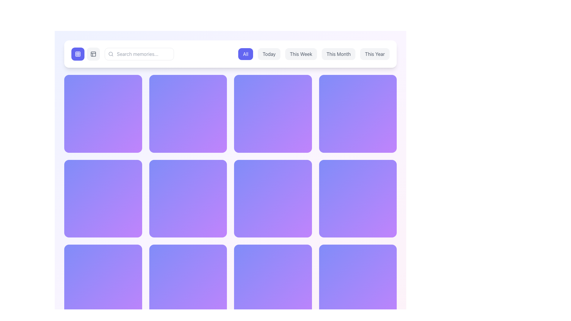 This screenshot has height=321, width=571. Describe the element at coordinates (111, 54) in the screenshot. I see `the search icon located on the left side of the input field labeled 'Search memories...' in the search bar section` at that location.